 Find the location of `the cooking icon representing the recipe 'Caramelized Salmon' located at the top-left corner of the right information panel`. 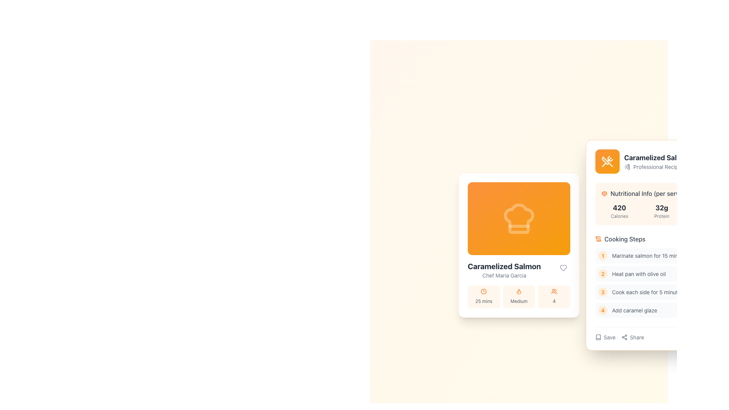

the cooking icon representing the recipe 'Caramelized Salmon' located at the top-left corner of the right information panel is located at coordinates (607, 161).